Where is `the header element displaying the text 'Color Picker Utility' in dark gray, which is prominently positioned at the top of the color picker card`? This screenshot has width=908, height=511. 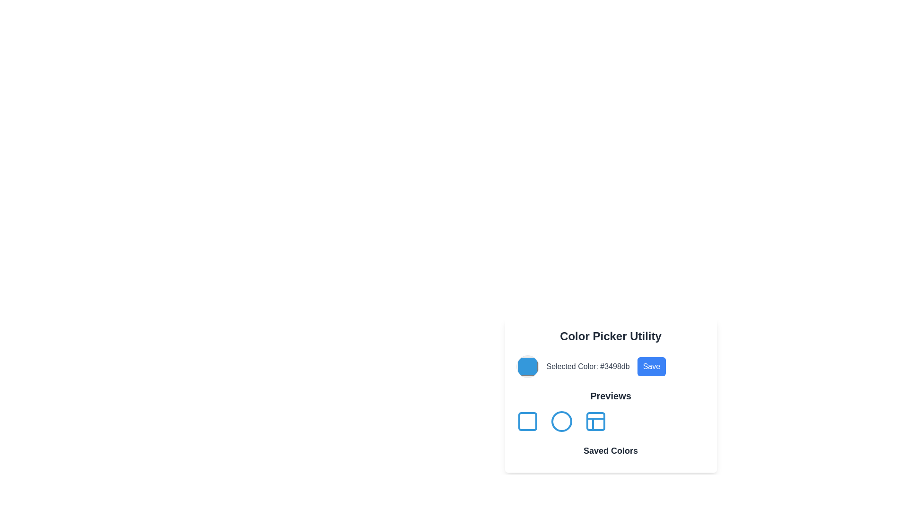
the header element displaying the text 'Color Picker Utility' in dark gray, which is prominently positioned at the top of the color picker card is located at coordinates (611, 335).